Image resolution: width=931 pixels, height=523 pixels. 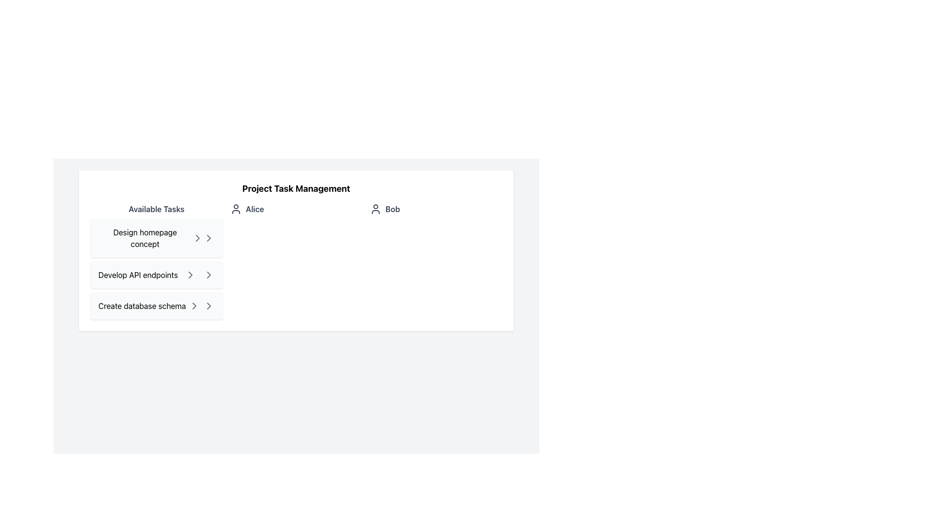 What do you see at coordinates (197, 238) in the screenshot?
I see `the right-facing chevron icon in the 'Available Tasks' section labeled 'Design homepage concept' to indicate progression or navigation` at bounding box center [197, 238].